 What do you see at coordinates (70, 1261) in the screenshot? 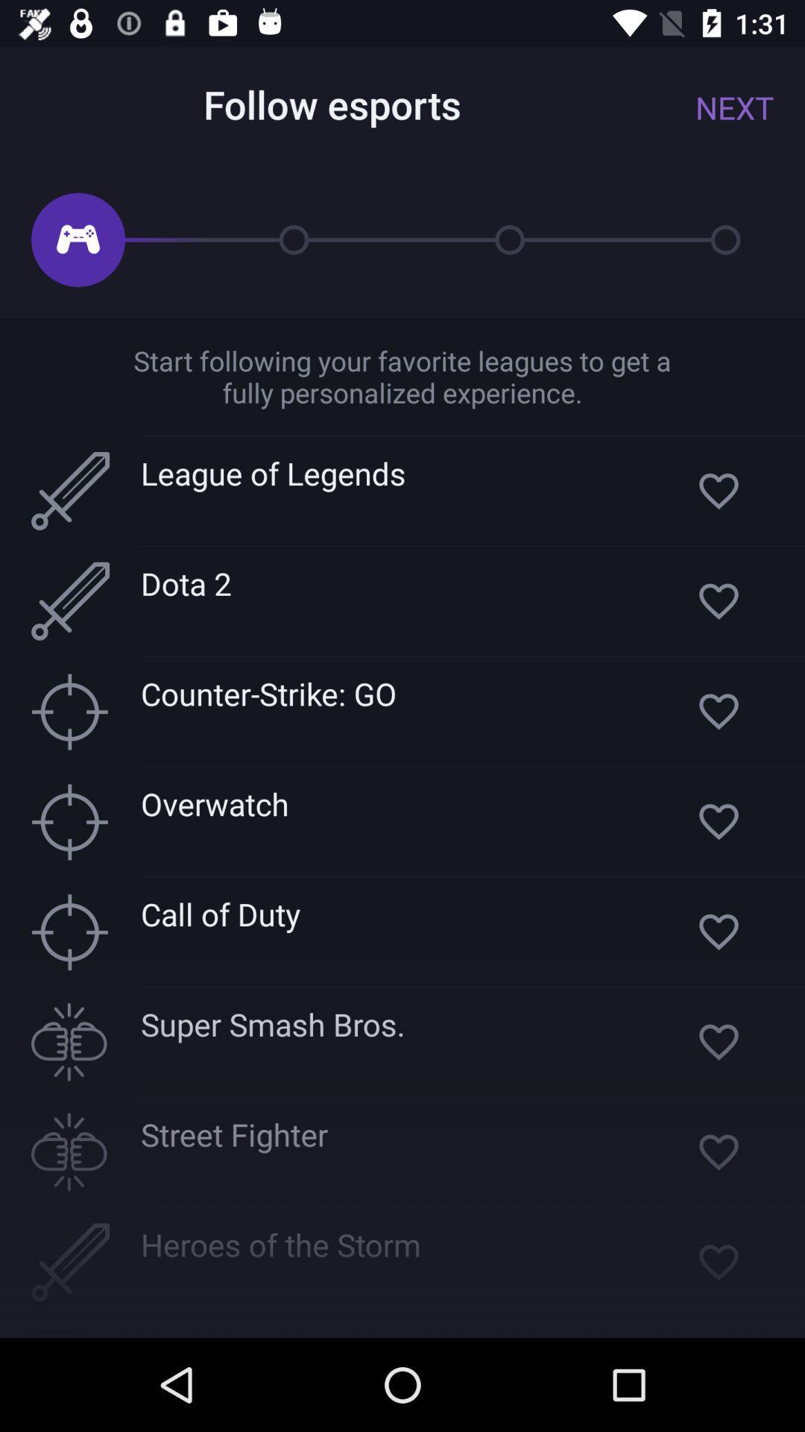
I see `the icon at left side of the heroes of the storm` at bounding box center [70, 1261].